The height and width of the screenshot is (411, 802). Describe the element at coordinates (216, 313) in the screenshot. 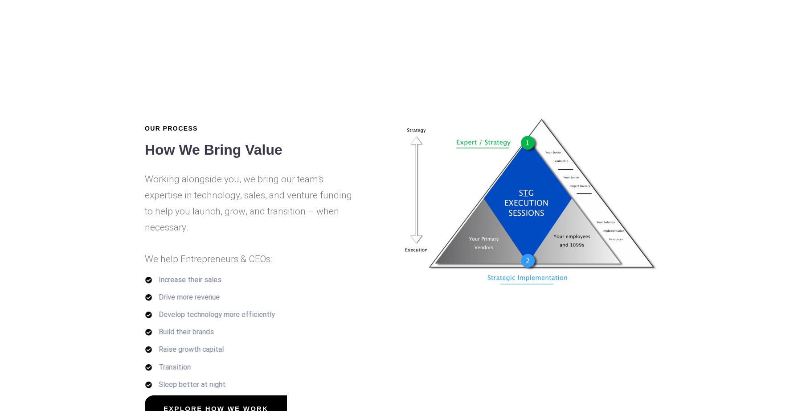

I see `'Develop technology more efficiently'` at that location.